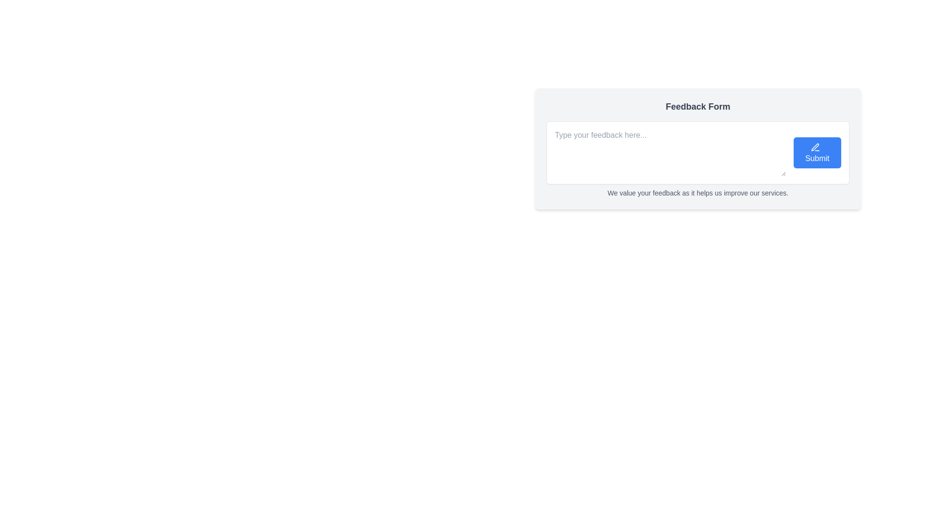 This screenshot has height=524, width=932. Describe the element at coordinates (815, 147) in the screenshot. I see `the pen icon located on the left side of the 'Submit' button, which has a blue circular background with a white stroke` at that location.